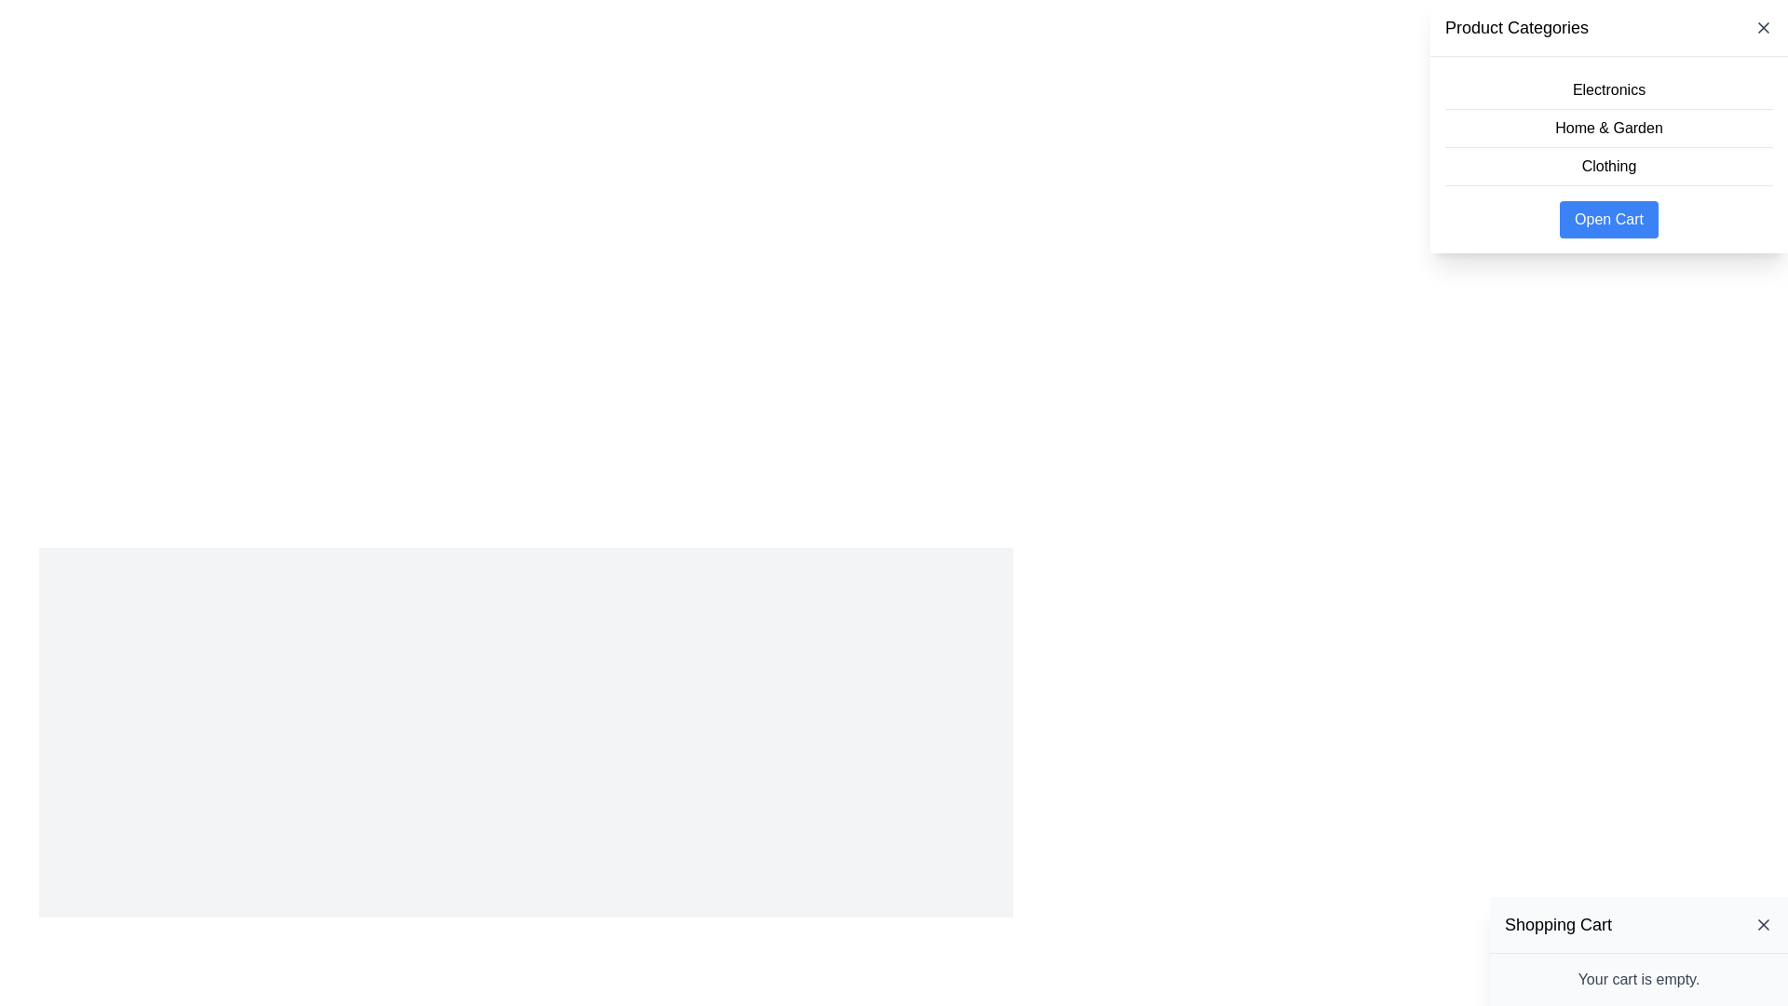  Describe the element at coordinates (1608, 166) in the screenshot. I see `the 'Clothing' text button in the dropdown menu` at that location.